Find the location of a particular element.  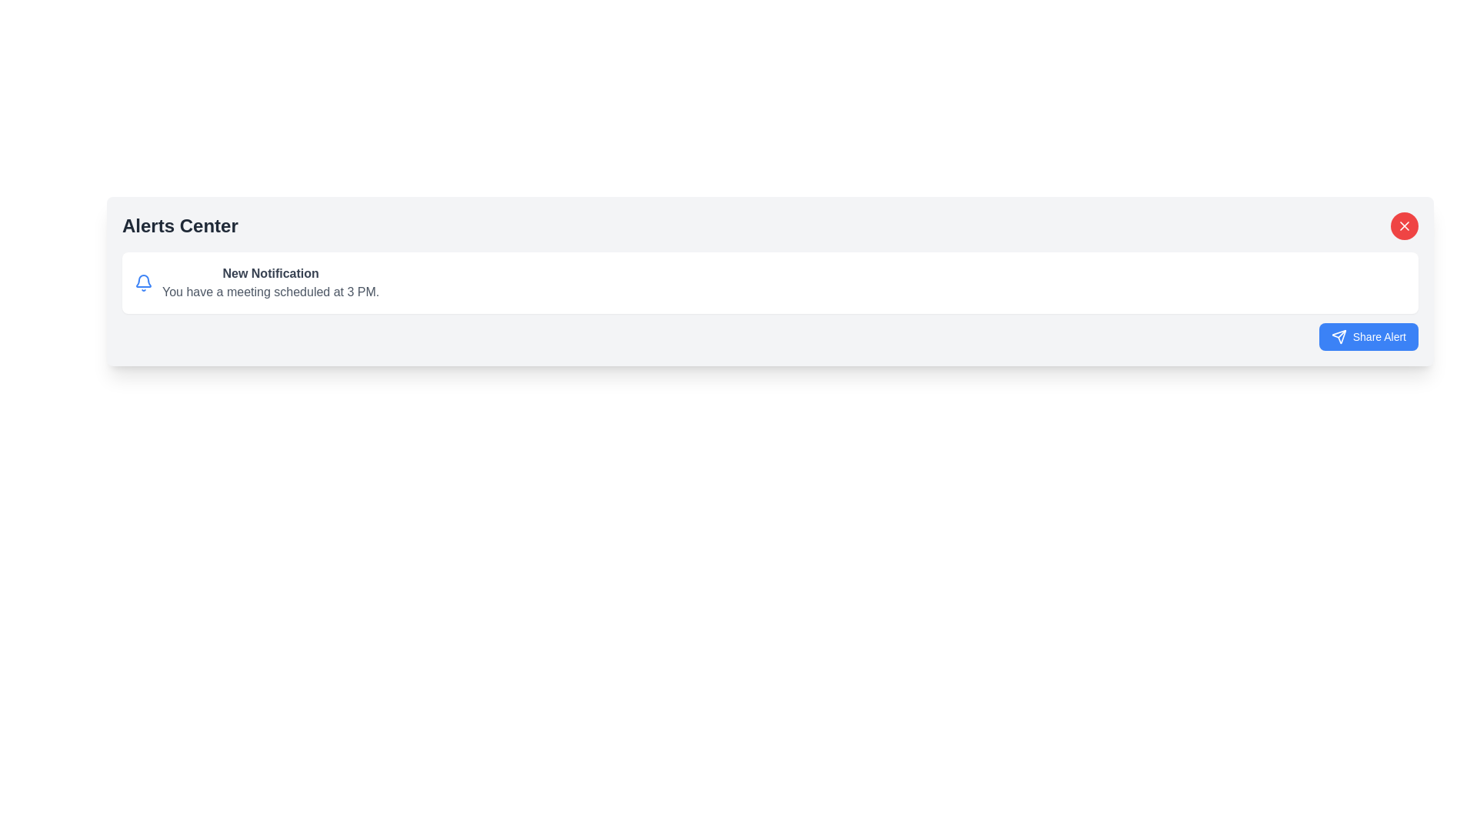

the 'Share Alert' button with a blue background and white text, located in the bottom-right corner of the alert is located at coordinates (1369, 336).